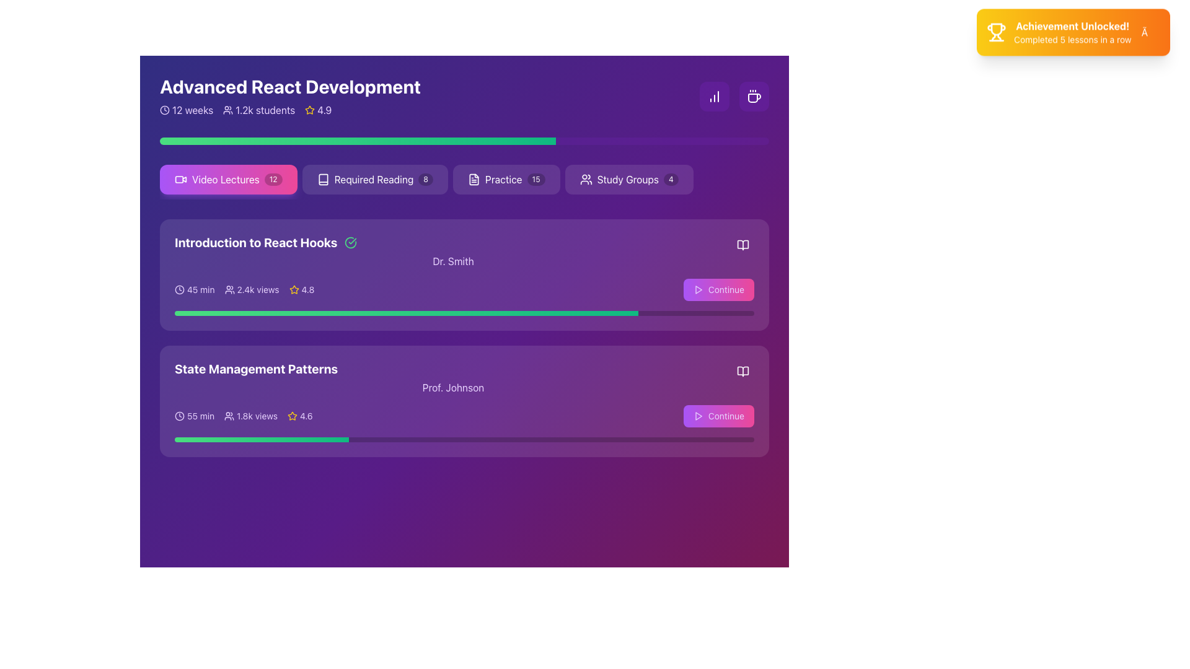  Describe the element at coordinates (310, 109) in the screenshot. I see `the decorative or informational indicator icon representing the rating system located to the left of the numerical rating '4.9' in the header section for 'Advanced React Development'` at that location.